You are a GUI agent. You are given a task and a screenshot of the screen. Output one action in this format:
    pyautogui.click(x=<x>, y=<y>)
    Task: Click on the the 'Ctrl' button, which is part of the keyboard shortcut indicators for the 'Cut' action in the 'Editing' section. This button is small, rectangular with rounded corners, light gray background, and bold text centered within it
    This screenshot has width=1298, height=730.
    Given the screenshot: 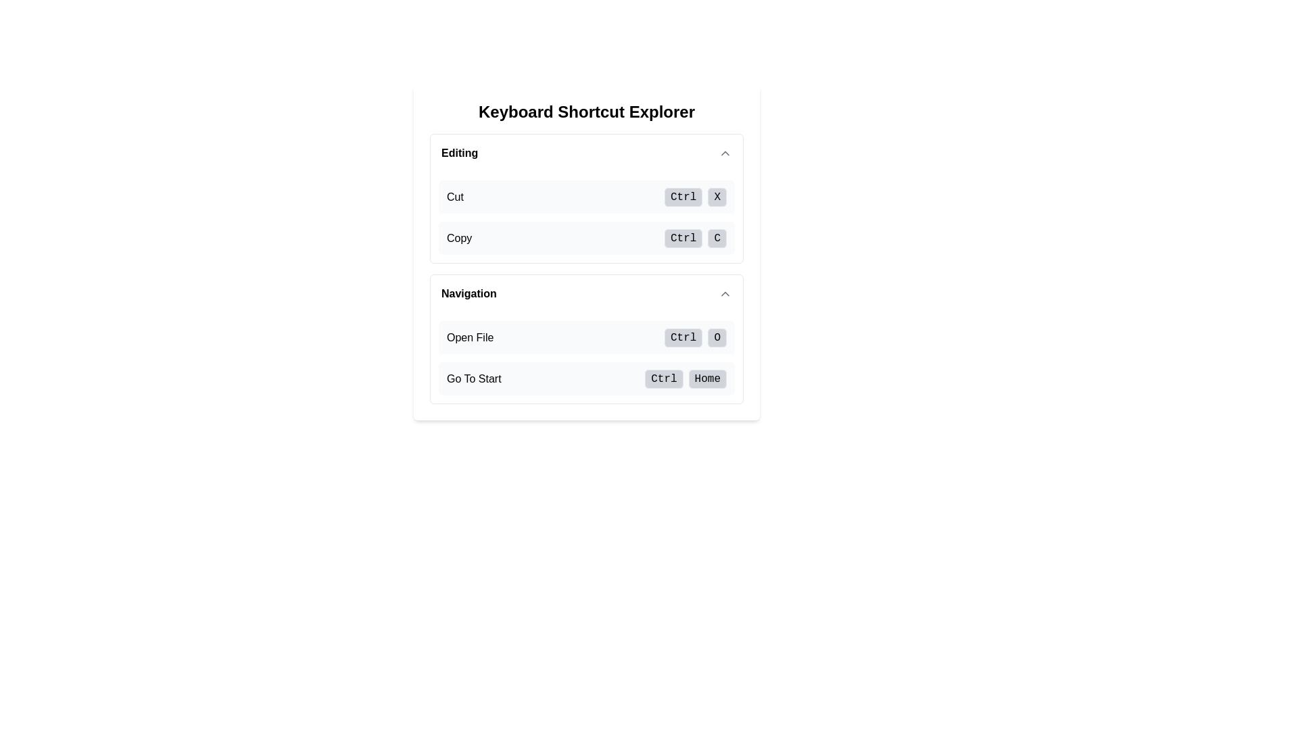 What is the action you would take?
    pyautogui.click(x=683, y=197)
    